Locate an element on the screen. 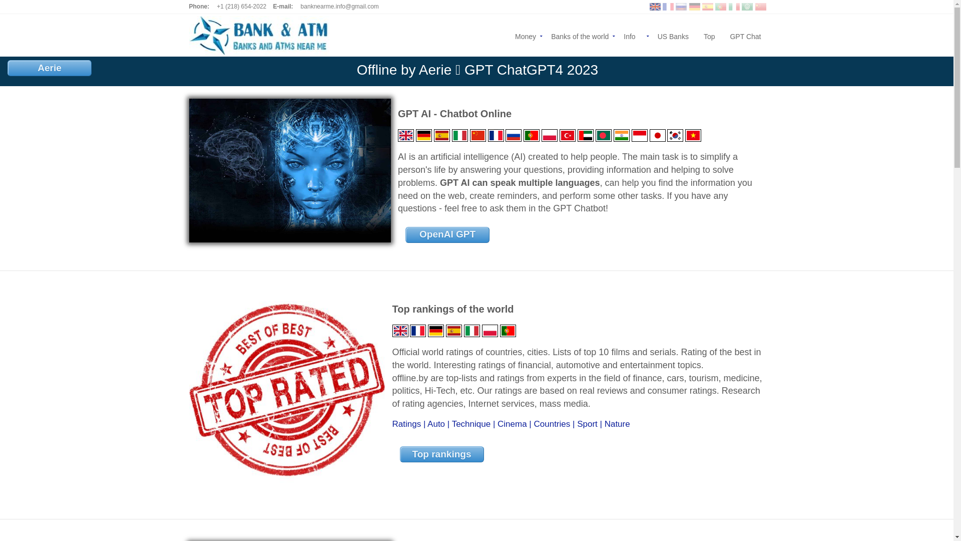 The height and width of the screenshot is (541, 961). 'Technique' is located at coordinates (470, 424).